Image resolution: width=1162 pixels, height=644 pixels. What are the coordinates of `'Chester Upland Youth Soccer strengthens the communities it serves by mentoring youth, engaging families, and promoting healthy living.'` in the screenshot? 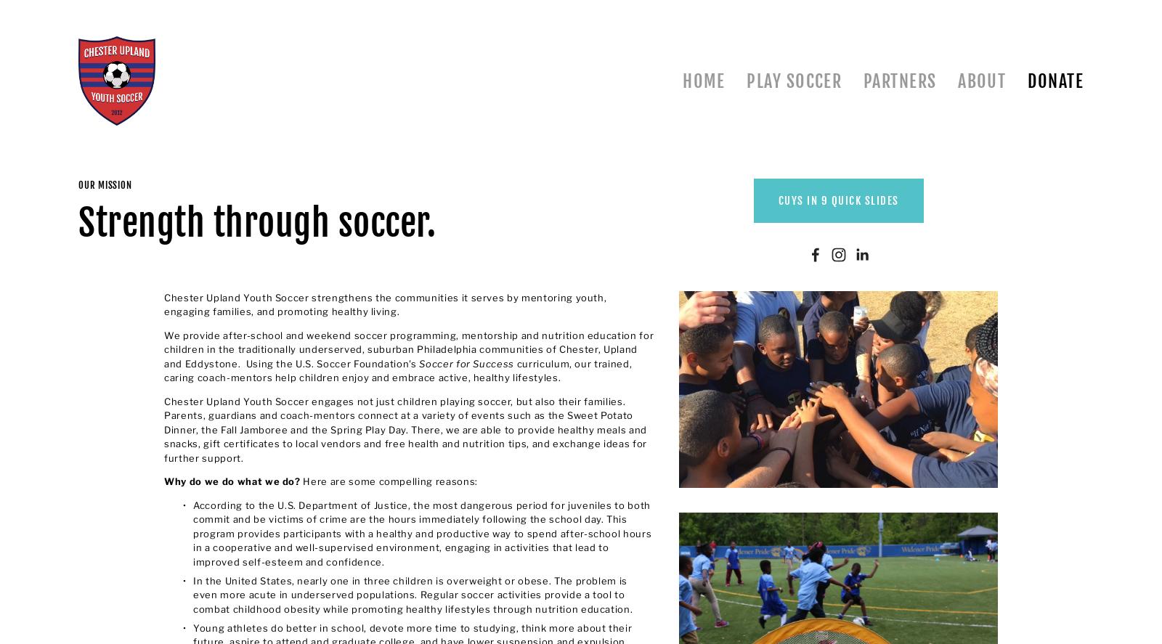 It's located at (386, 304).